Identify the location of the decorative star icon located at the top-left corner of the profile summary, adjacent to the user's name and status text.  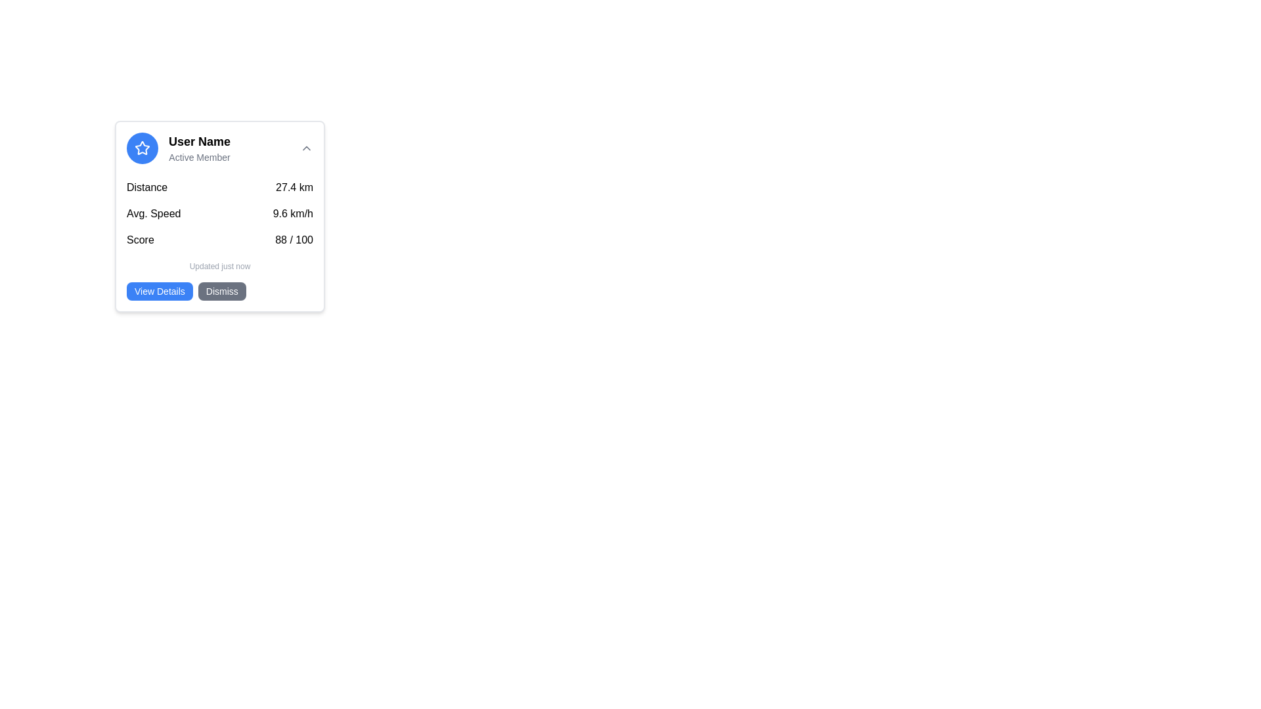
(142, 148).